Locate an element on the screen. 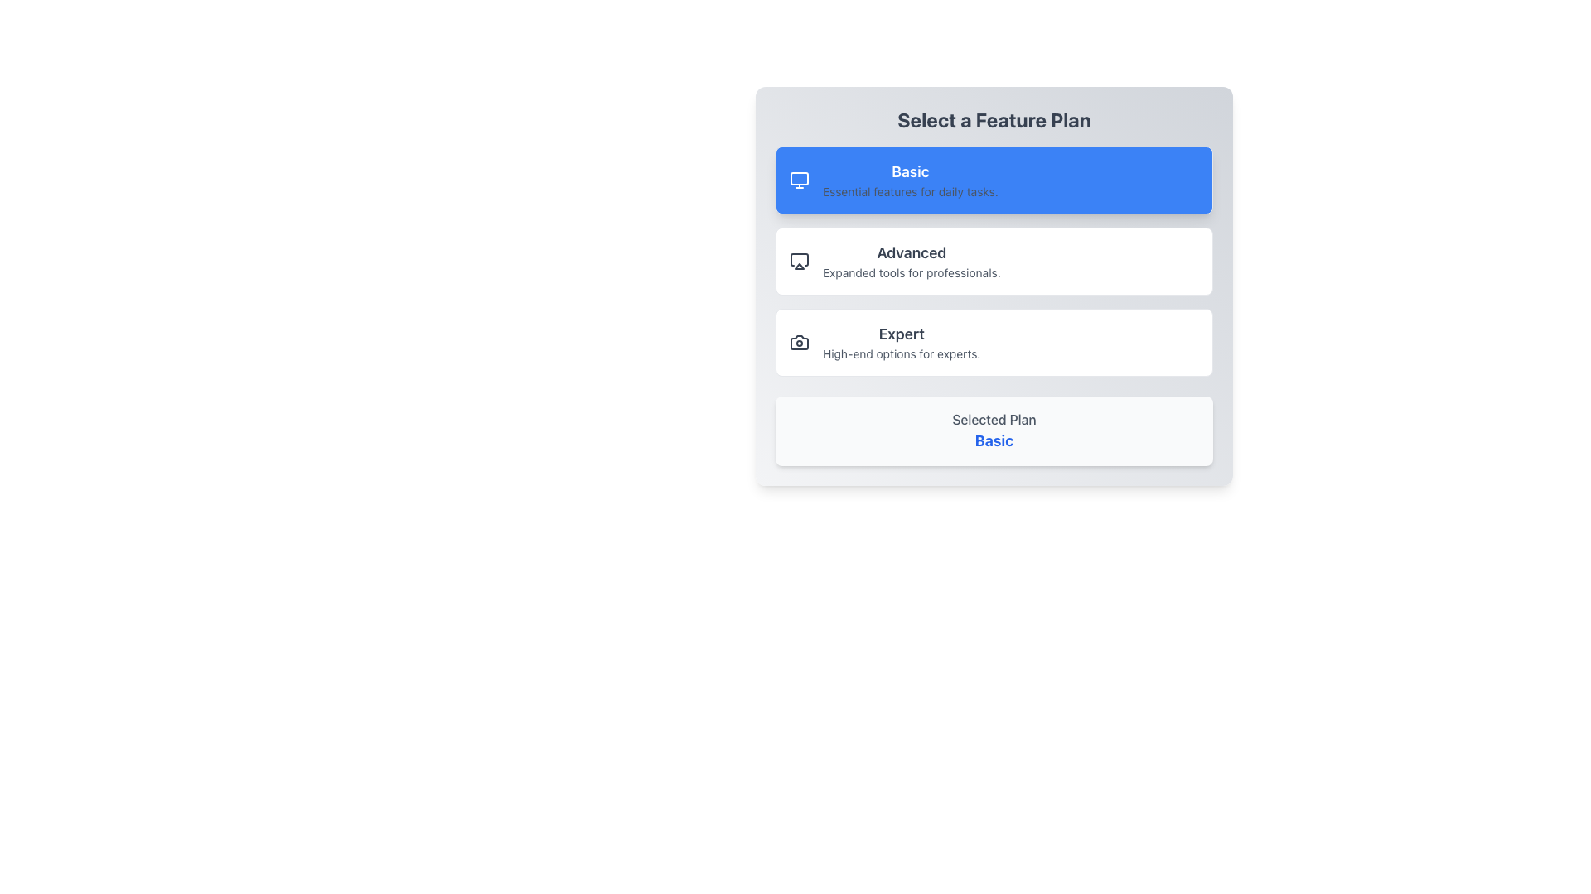 The height and width of the screenshot is (894, 1591). the text label reading 'Essential features for daily tasks.', which is styled in small gray text and located directly below the bold 'Basic' title in the blue-highlighted section of the feature plan list is located at coordinates (909, 190).